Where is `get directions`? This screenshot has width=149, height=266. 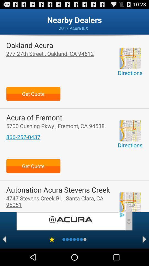 get directions is located at coordinates (130, 202).